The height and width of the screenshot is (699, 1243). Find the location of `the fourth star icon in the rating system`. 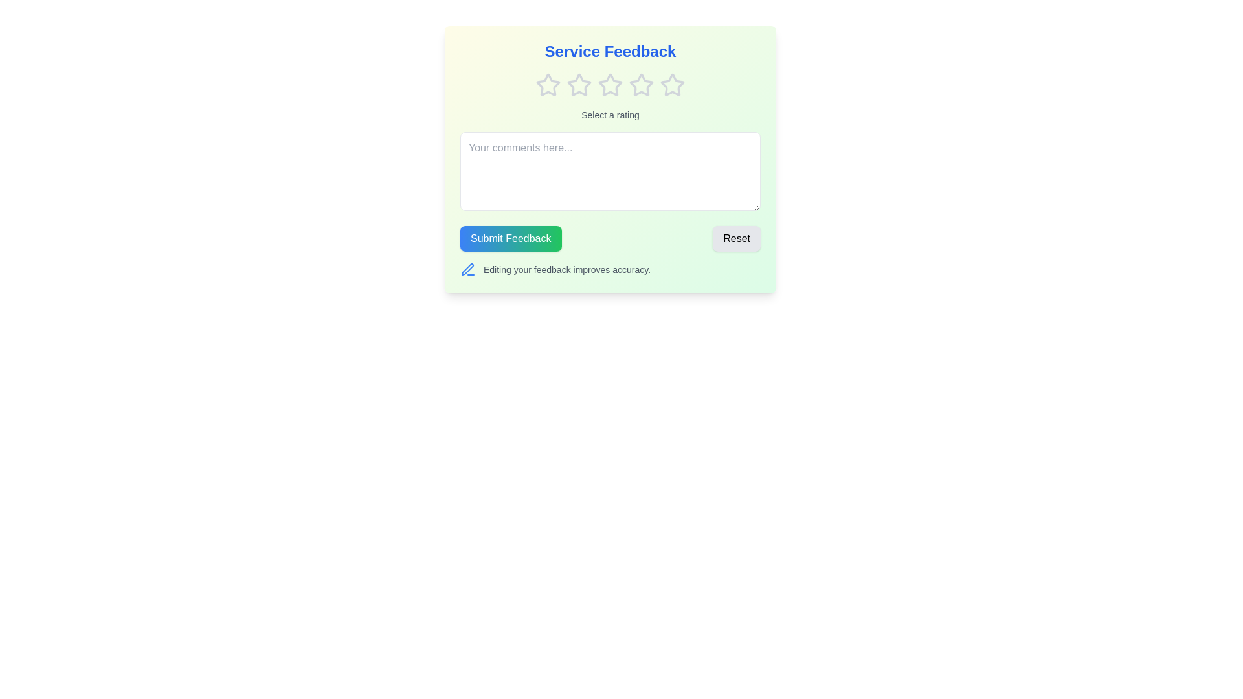

the fourth star icon in the rating system is located at coordinates (641, 85).